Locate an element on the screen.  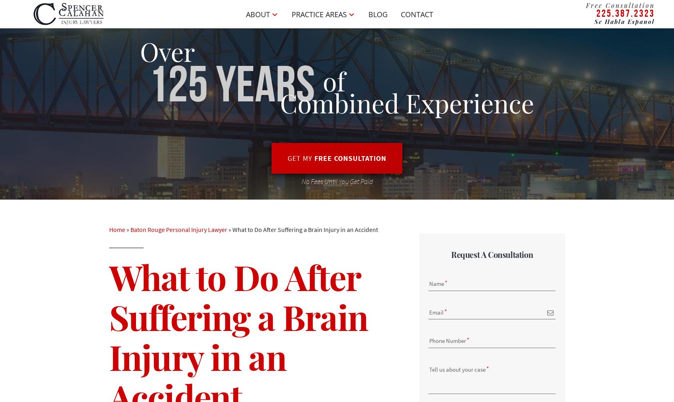
'Practice Areas' is located at coordinates (319, 14).